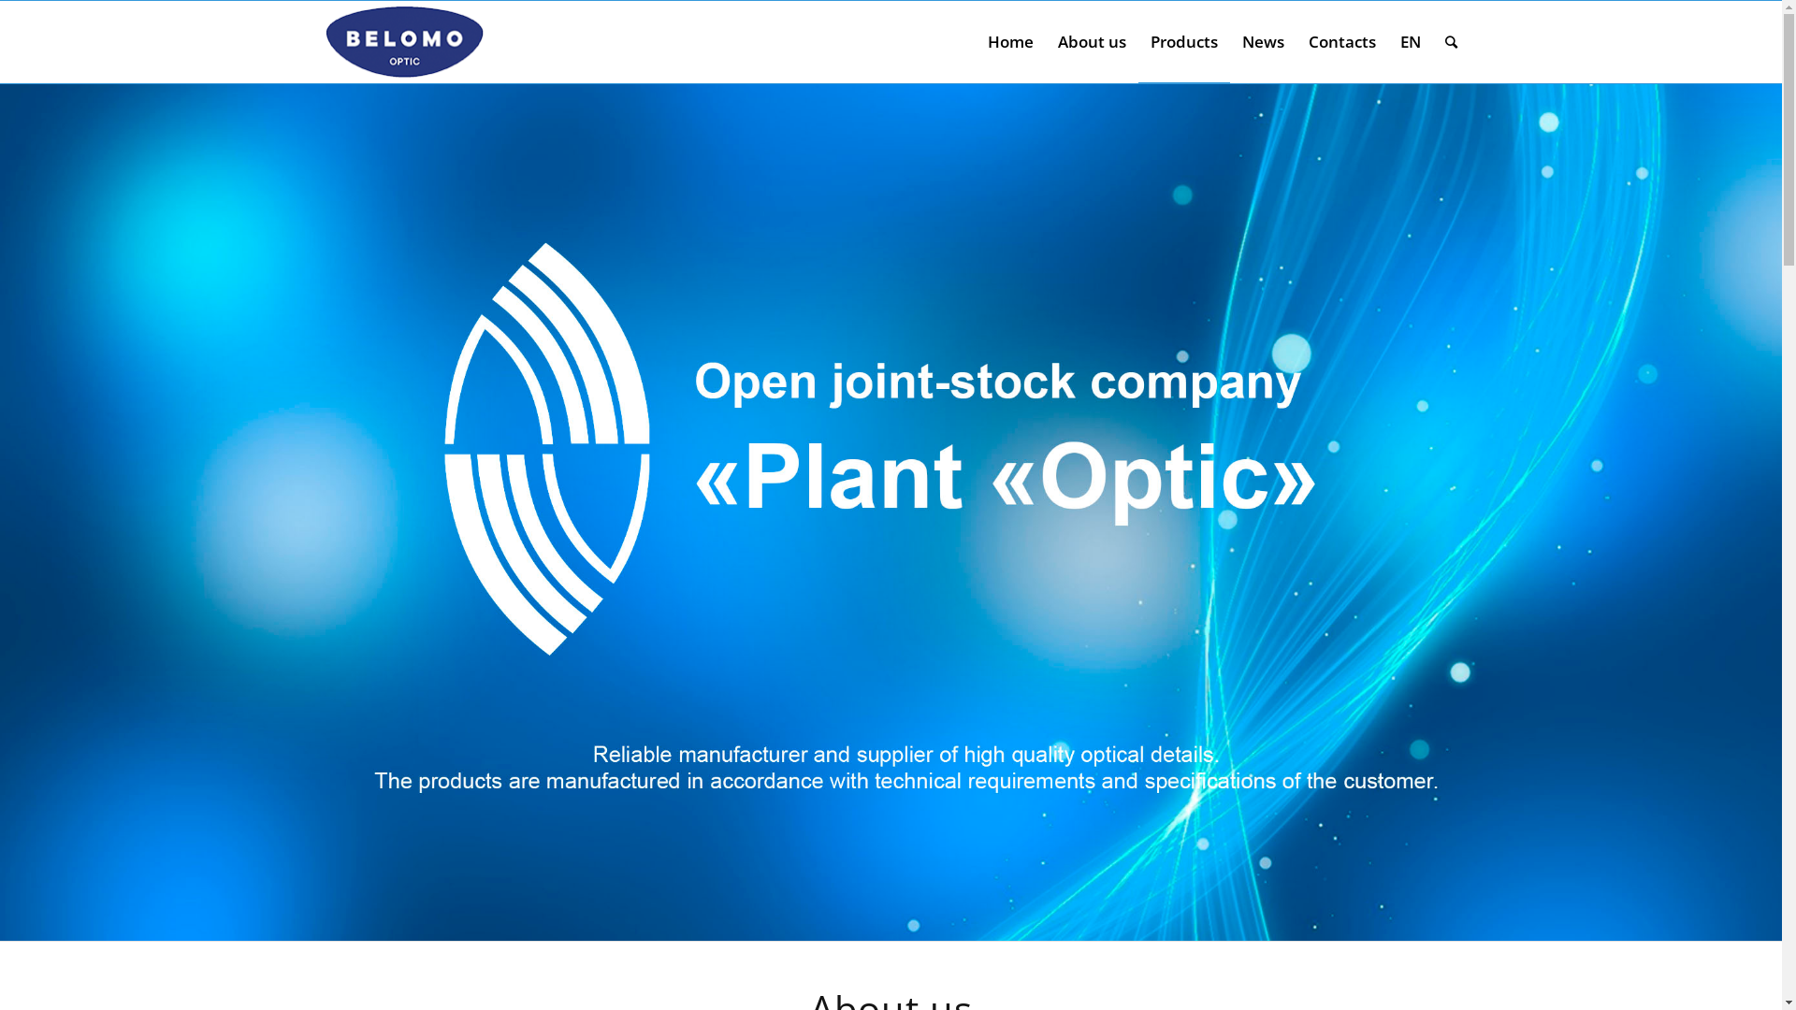 Image resolution: width=1796 pixels, height=1010 pixels. What do you see at coordinates (1229, 42) in the screenshot?
I see `'News'` at bounding box center [1229, 42].